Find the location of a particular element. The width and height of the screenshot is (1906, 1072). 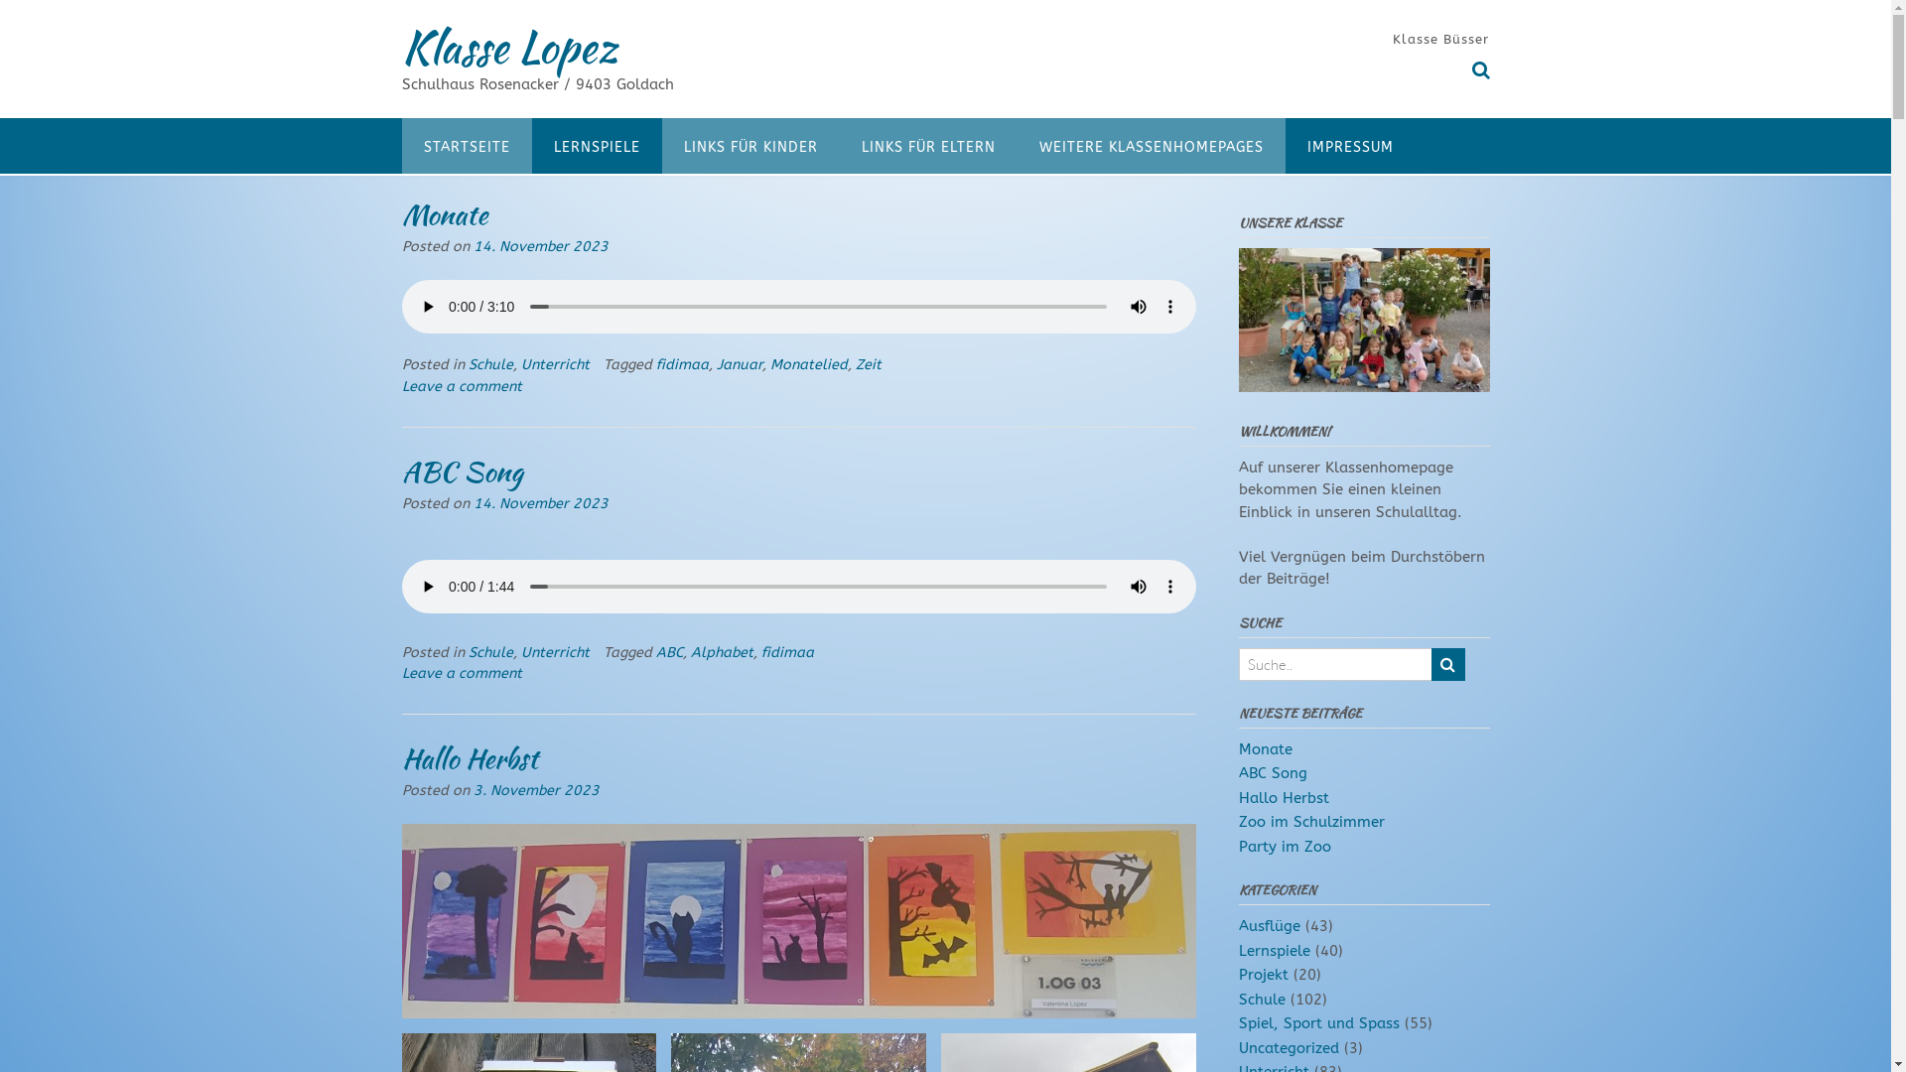

'Search for:' is located at coordinates (1334, 664).